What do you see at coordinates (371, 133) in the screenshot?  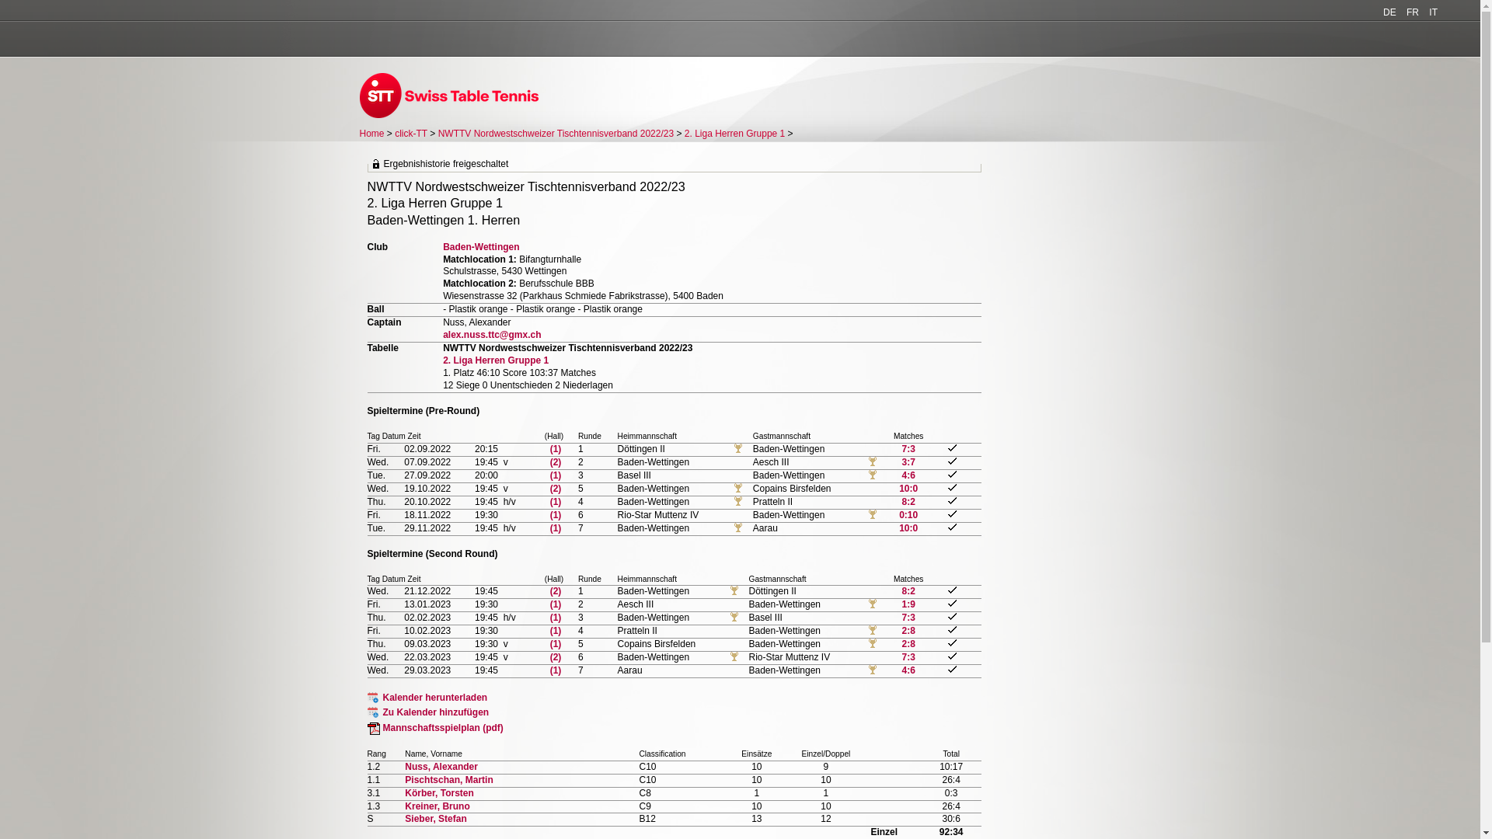 I see `'Home'` at bounding box center [371, 133].